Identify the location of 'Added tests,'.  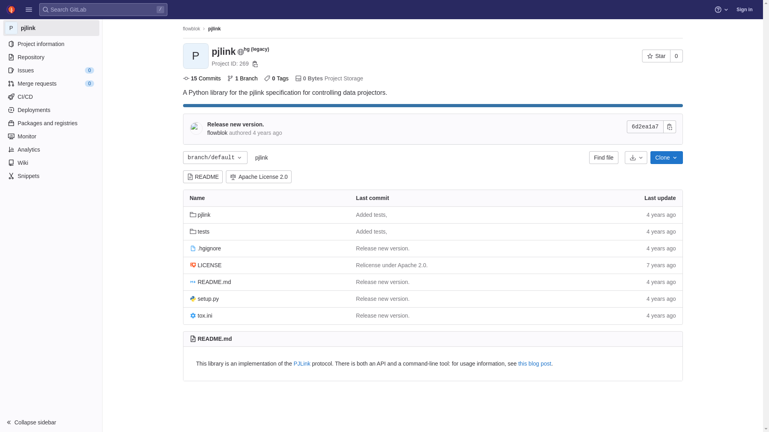
(371, 232).